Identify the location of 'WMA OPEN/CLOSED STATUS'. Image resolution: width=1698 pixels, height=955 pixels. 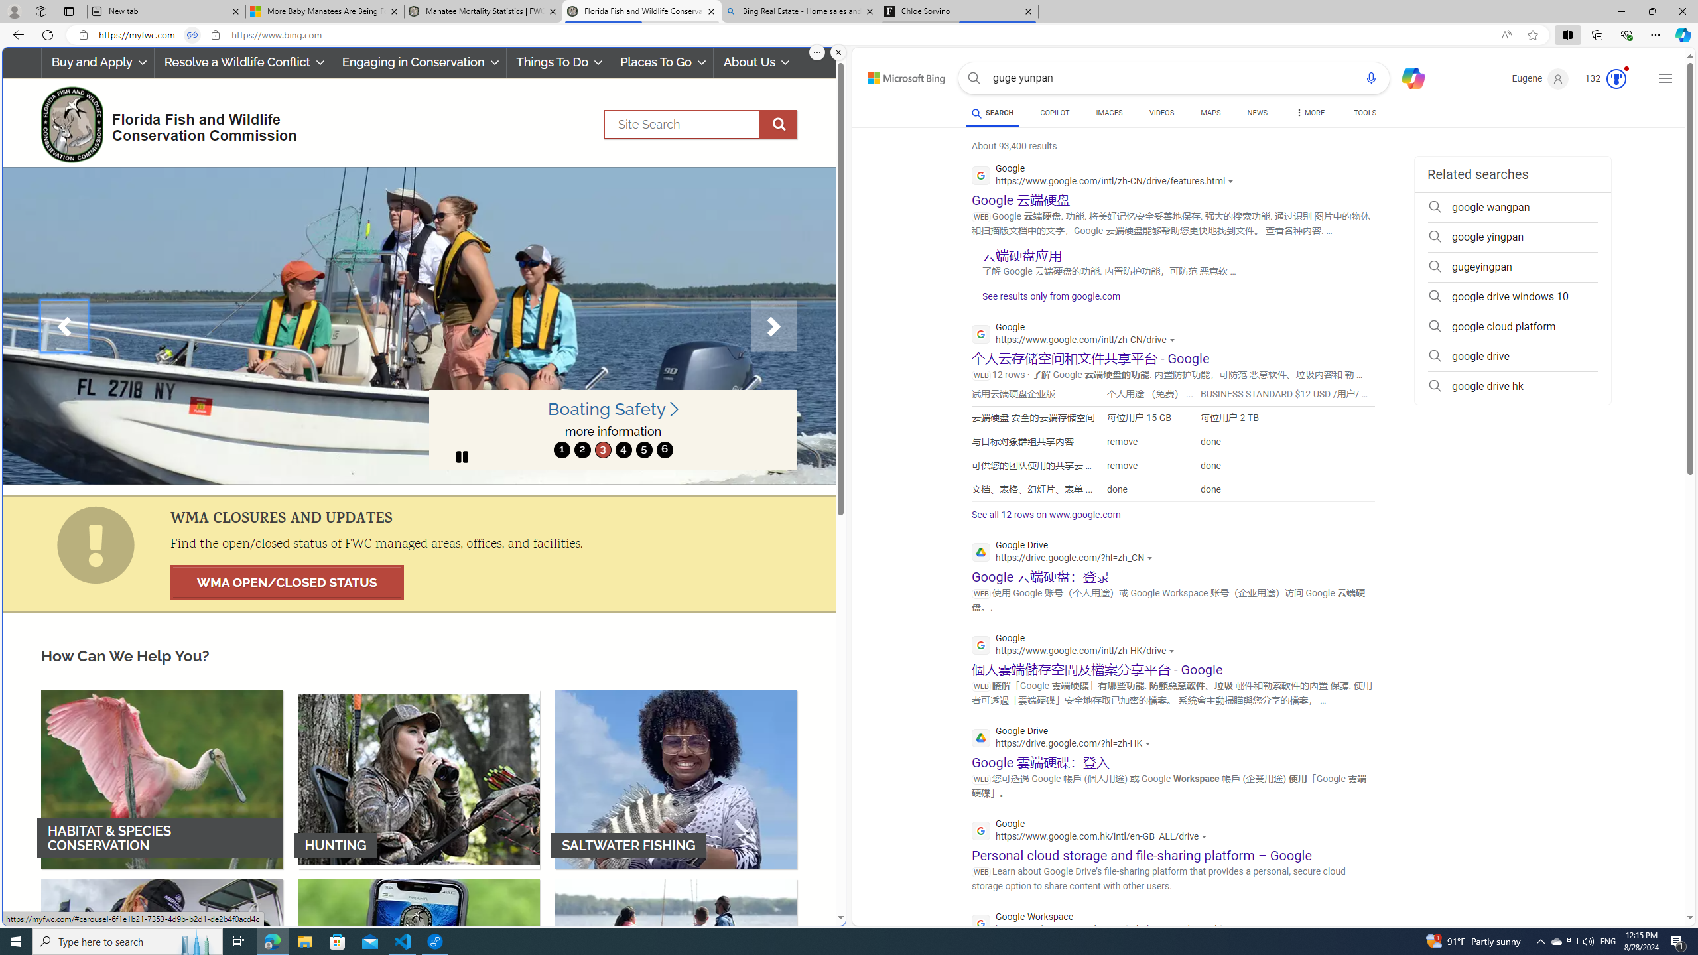
(287, 582).